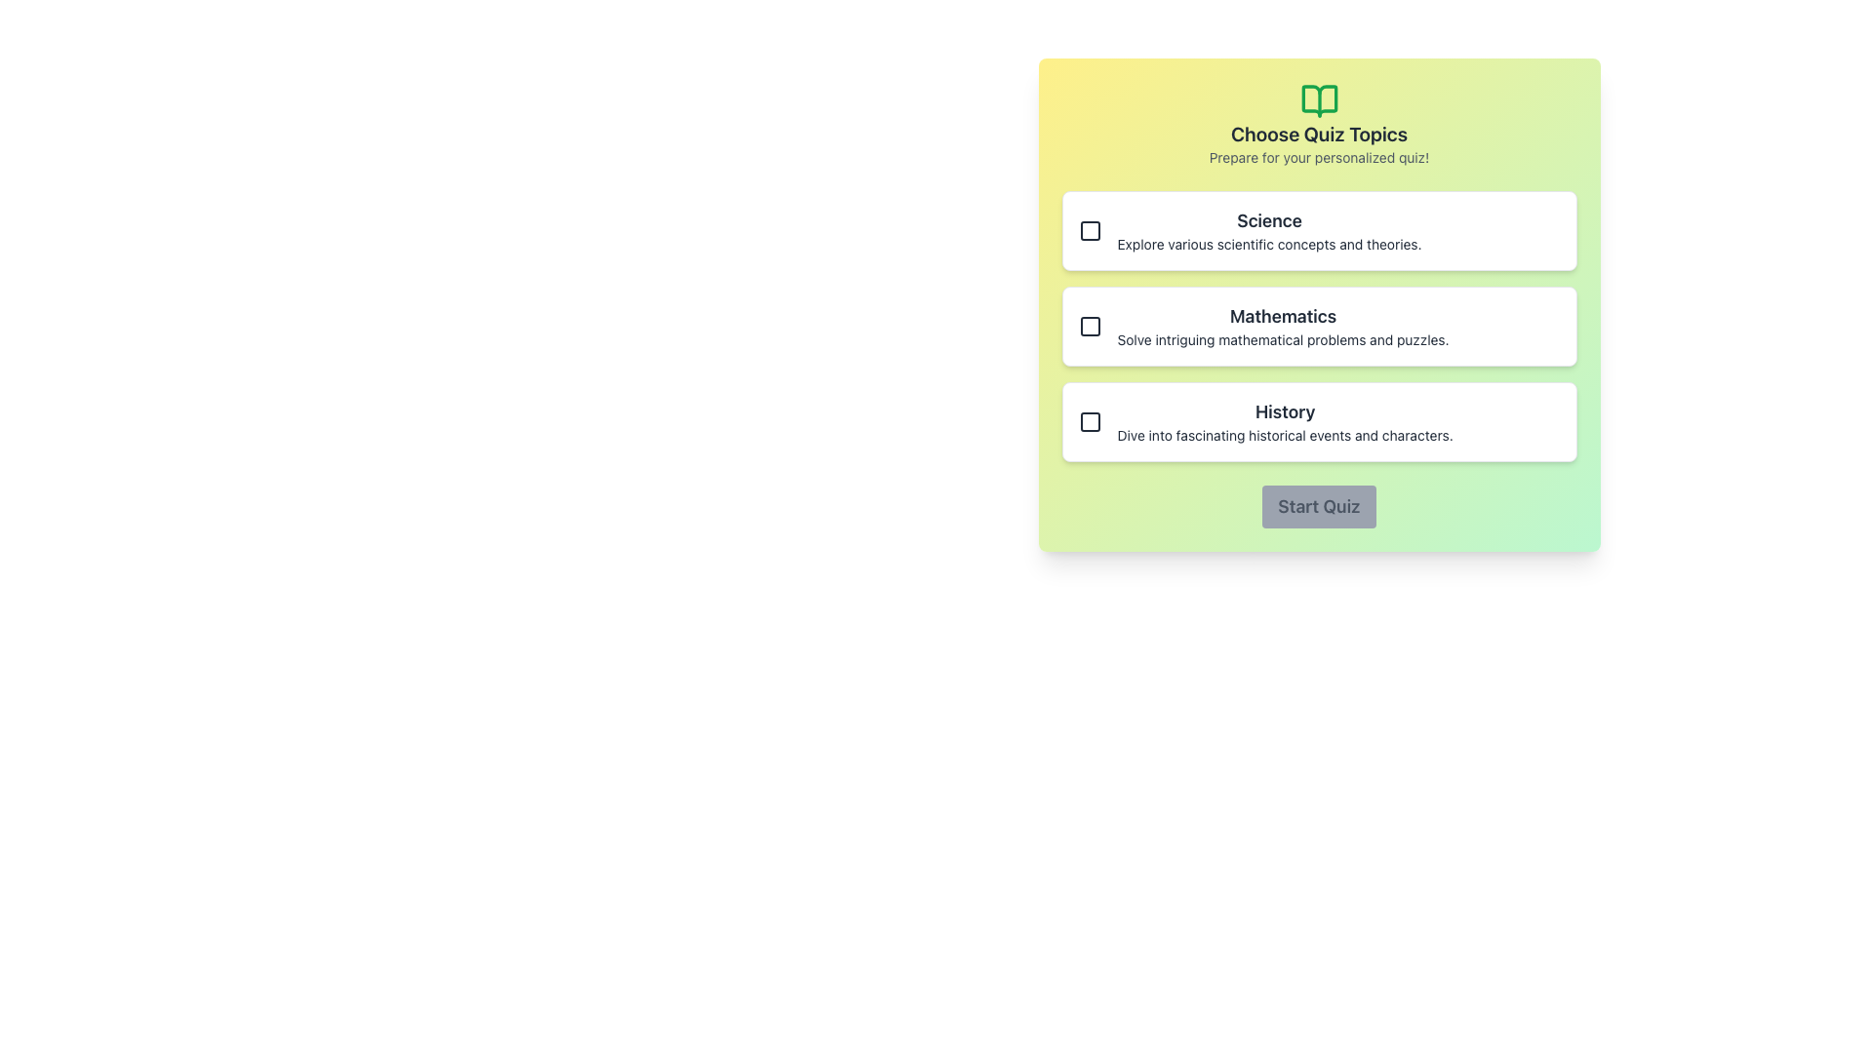  I want to click on on the checkbox located, so click(1089, 326).